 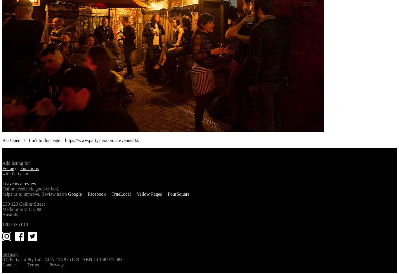 What do you see at coordinates (15, 173) in the screenshot?
I see `'with Partystar'` at bounding box center [15, 173].